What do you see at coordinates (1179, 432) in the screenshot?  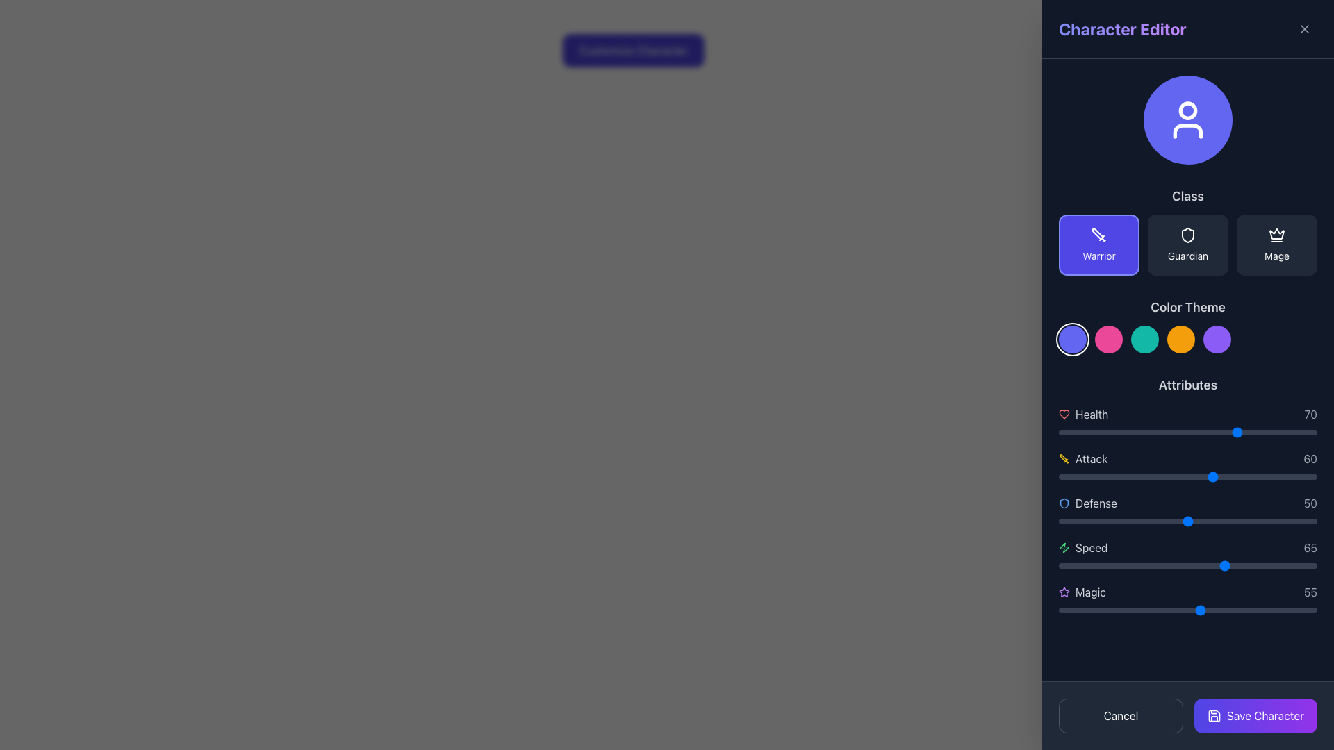 I see `health value` at bounding box center [1179, 432].